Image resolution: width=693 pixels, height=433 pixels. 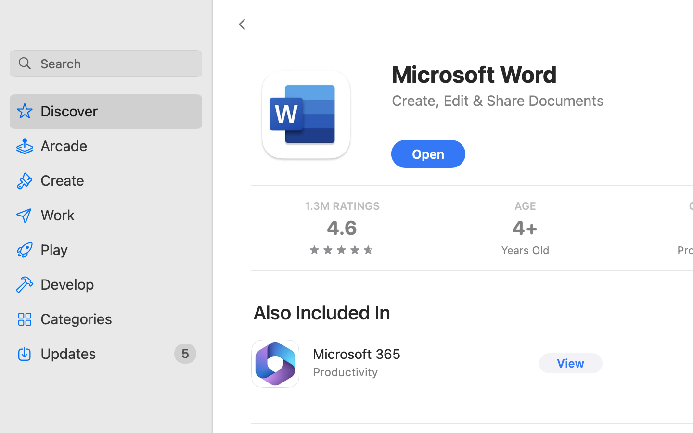 I want to click on 'Years Old', so click(x=524, y=250).